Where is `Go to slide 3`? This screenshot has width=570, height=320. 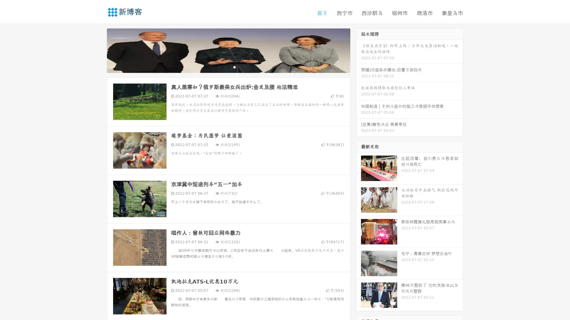
Go to slide 3 is located at coordinates (234, 67).